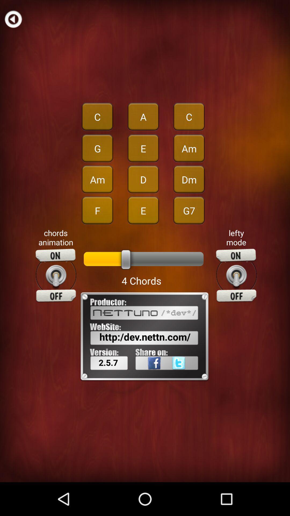  What do you see at coordinates (147, 375) in the screenshot?
I see `share on facebook` at bounding box center [147, 375].